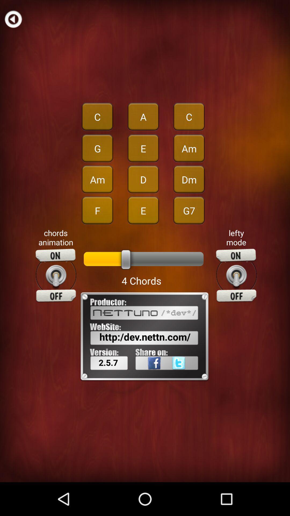  What do you see at coordinates (147, 375) in the screenshot?
I see `share on facebook` at bounding box center [147, 375].